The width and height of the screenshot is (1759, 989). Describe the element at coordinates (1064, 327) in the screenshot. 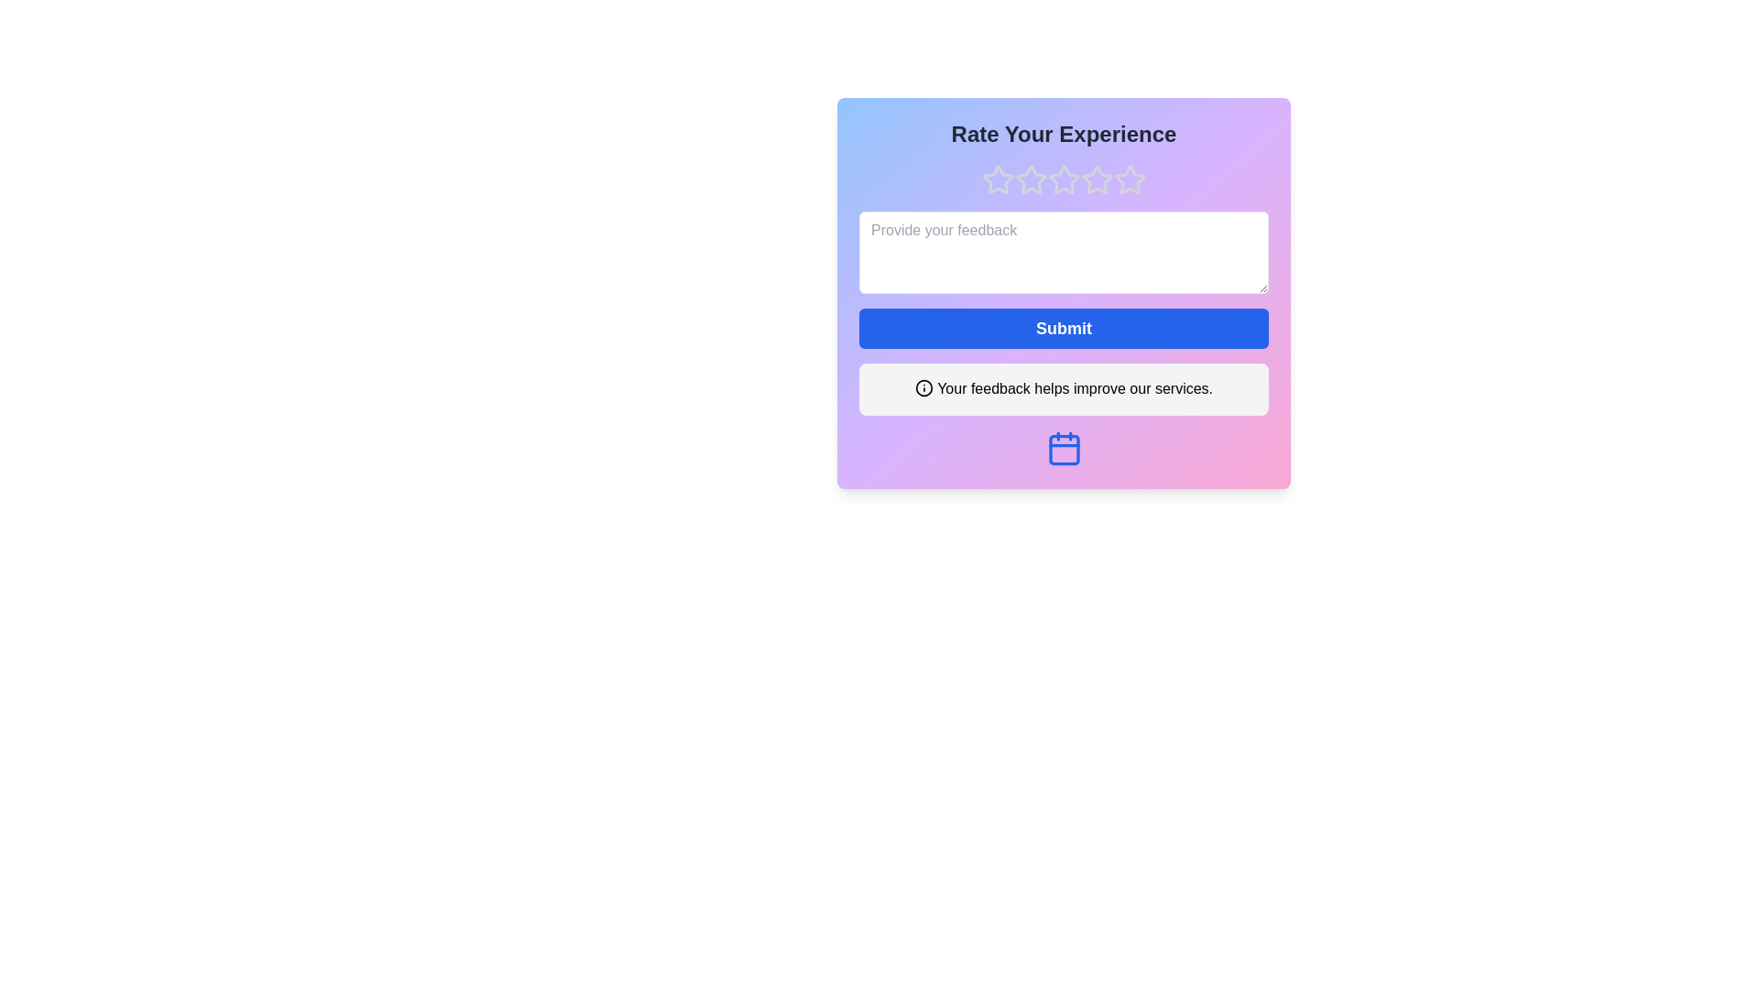

I see `the submit button to submit the rating and feedback` at that location.